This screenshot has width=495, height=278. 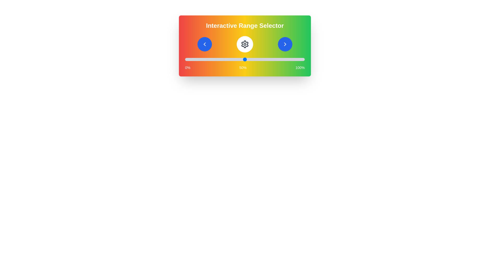 What do you see at coordinates (285, 44) in the screenshot?
I see `right chevron button to increment the range value` at bounding box center [285, 44].